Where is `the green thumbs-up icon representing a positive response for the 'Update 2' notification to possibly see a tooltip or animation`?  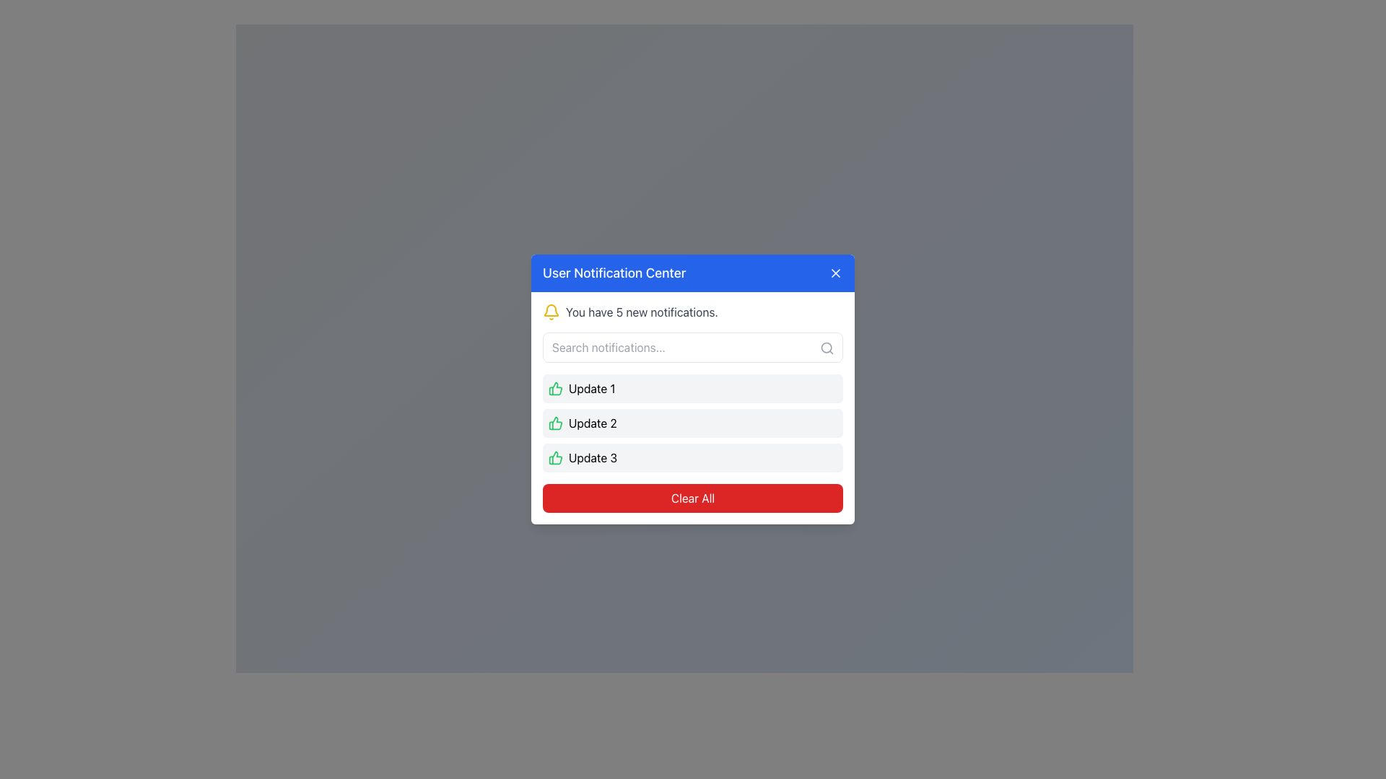 the green thumbs-up icon representing a positive response for the 'Update 2' notification to possibly see a tooltip or animation is located at coordinates (554, 422).